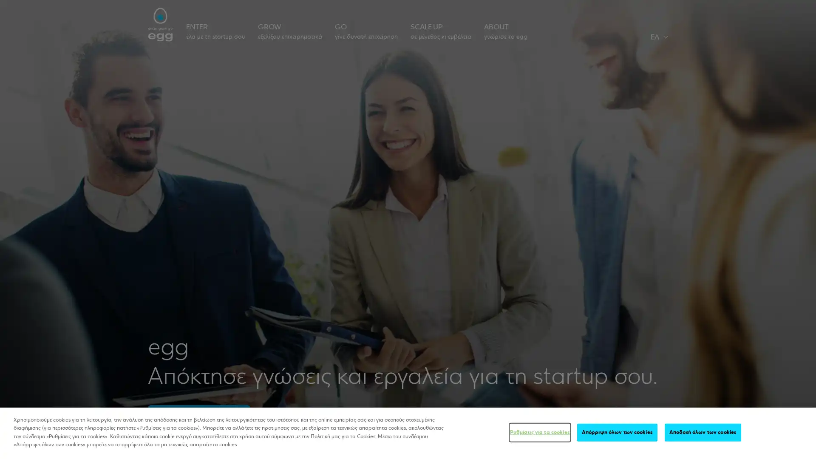  I want to click on cookies, so click(703, 432).